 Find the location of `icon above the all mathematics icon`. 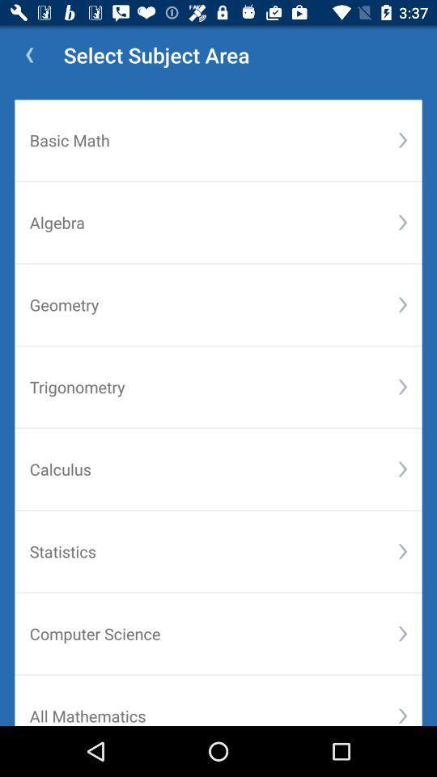

icon above the all mathematics icon is located at coordinates (214, 634).